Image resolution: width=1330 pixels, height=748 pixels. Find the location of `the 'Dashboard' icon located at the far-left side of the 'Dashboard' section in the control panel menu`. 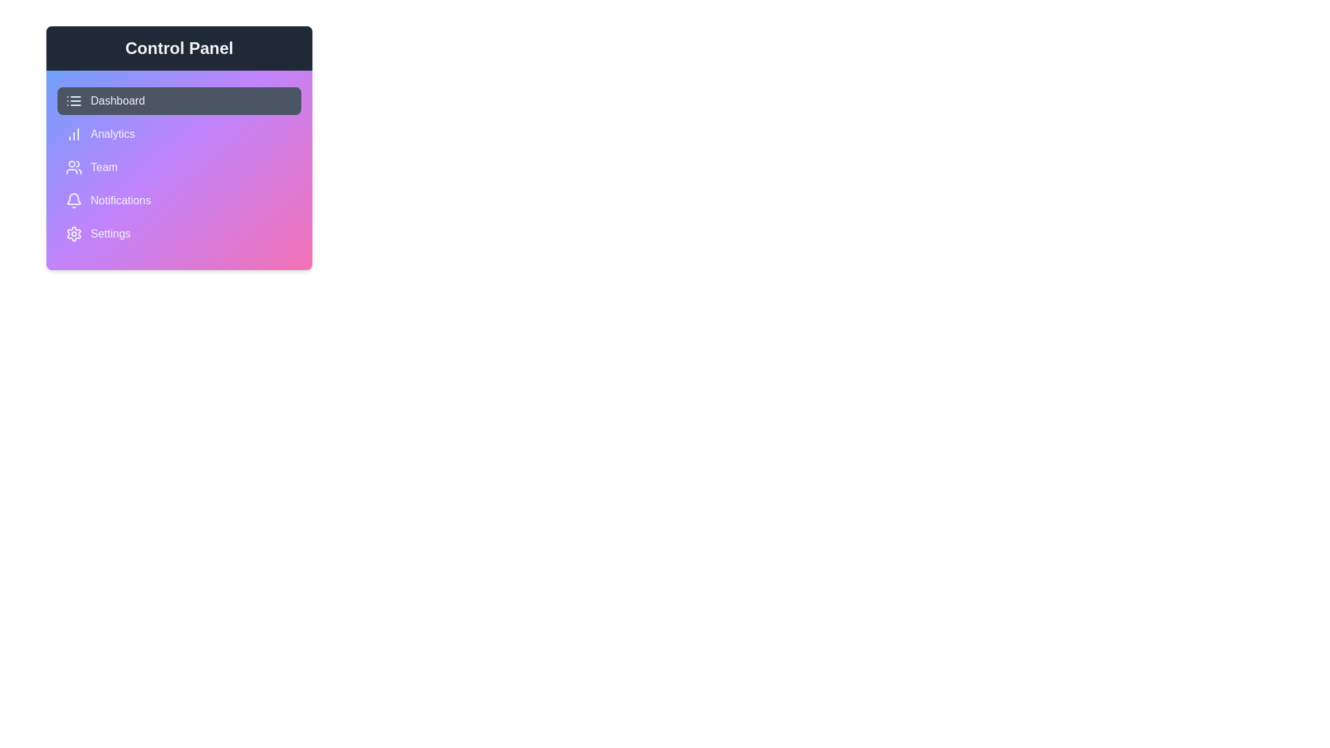

the 'Dashboard' icon located at the far-left side of the 'Dashboard' section in the control panel menu is located at coordinates (73, 100).